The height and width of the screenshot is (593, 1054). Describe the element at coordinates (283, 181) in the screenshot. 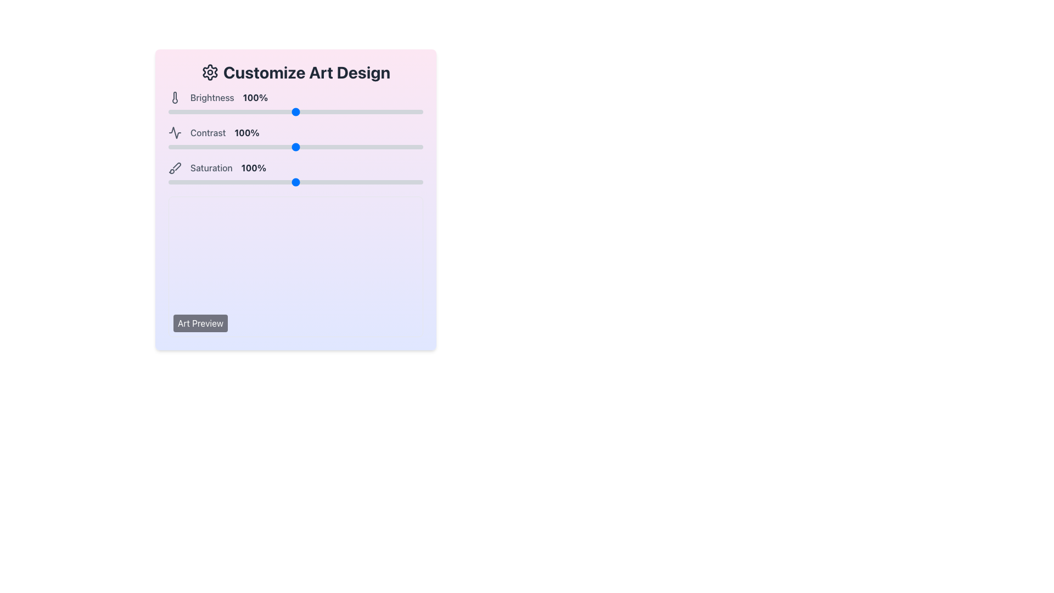

I see `the saturation` at that location.